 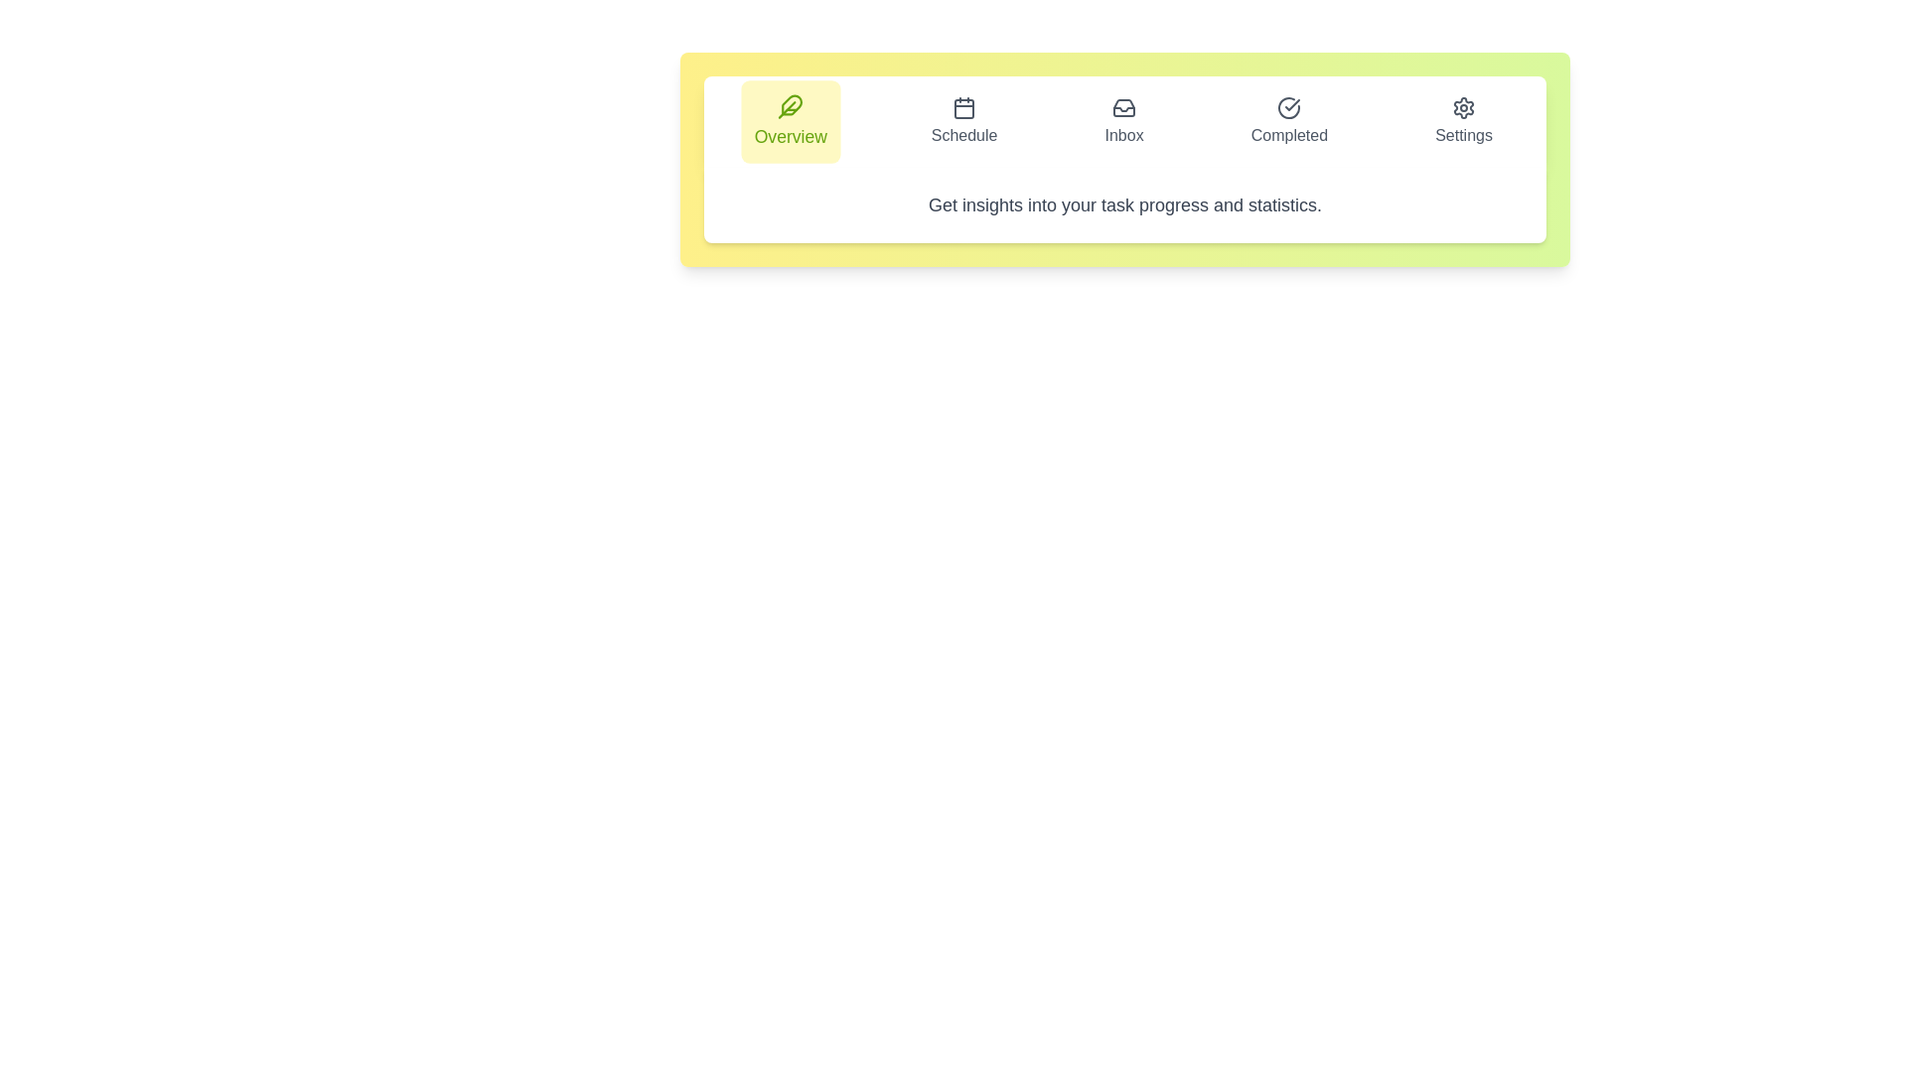 I want to click on the tab labeled Schedule, so click(x=964, y=122).